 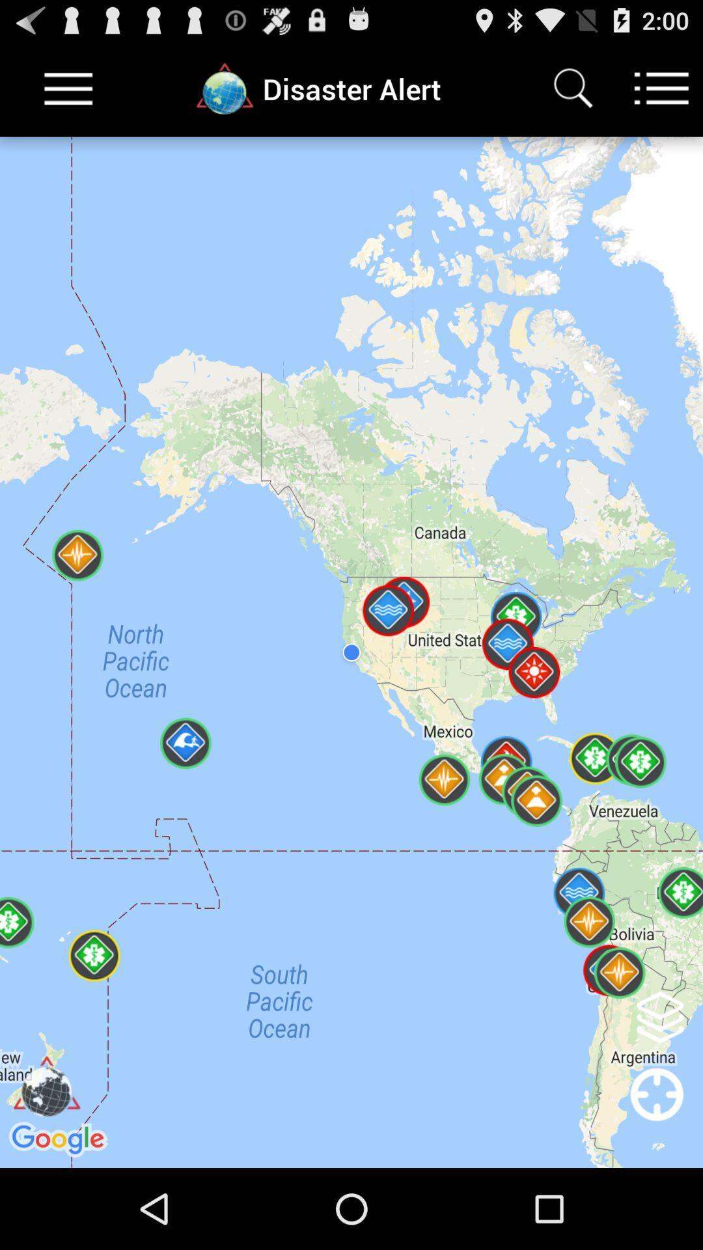 What do you see at coordinates (657, 1189) in the screenshot?
I see `the location_crosshair icon` at bounding box center [657, 1189].